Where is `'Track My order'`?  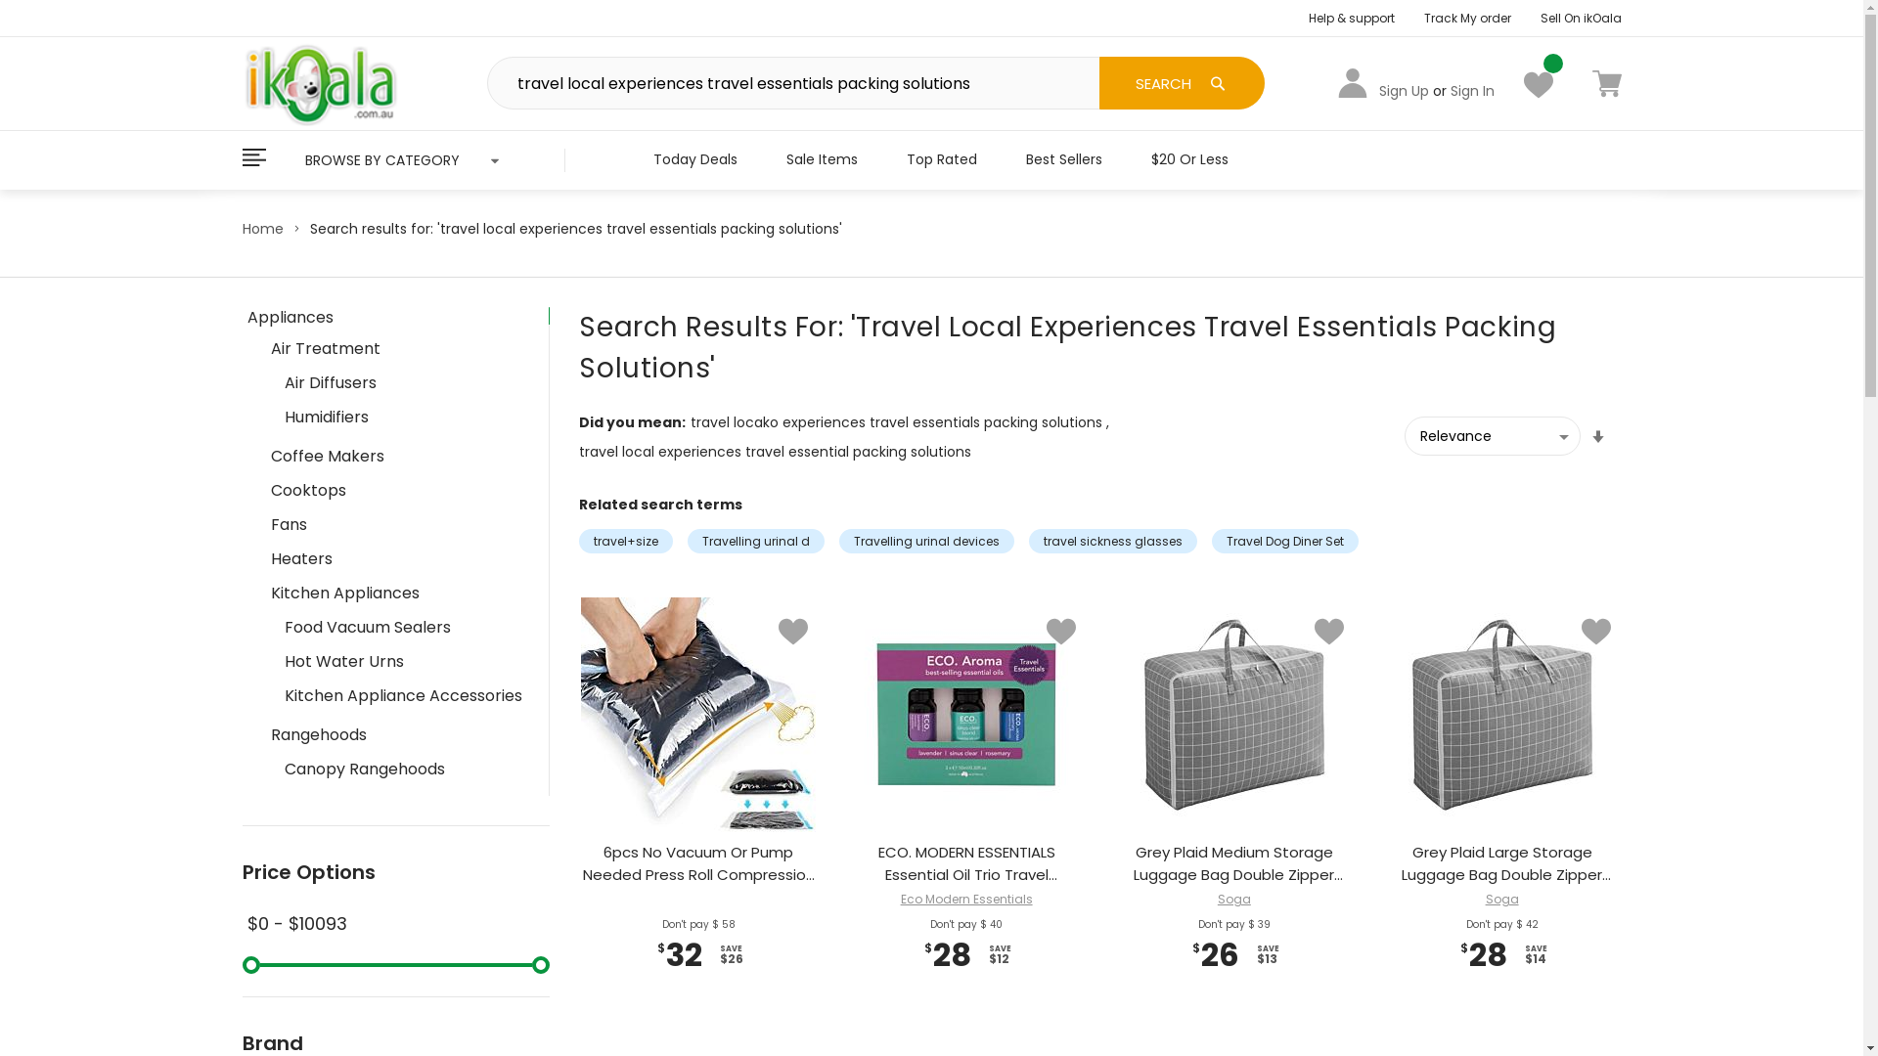
'Track My order' is located at coordinates (1467, 18).